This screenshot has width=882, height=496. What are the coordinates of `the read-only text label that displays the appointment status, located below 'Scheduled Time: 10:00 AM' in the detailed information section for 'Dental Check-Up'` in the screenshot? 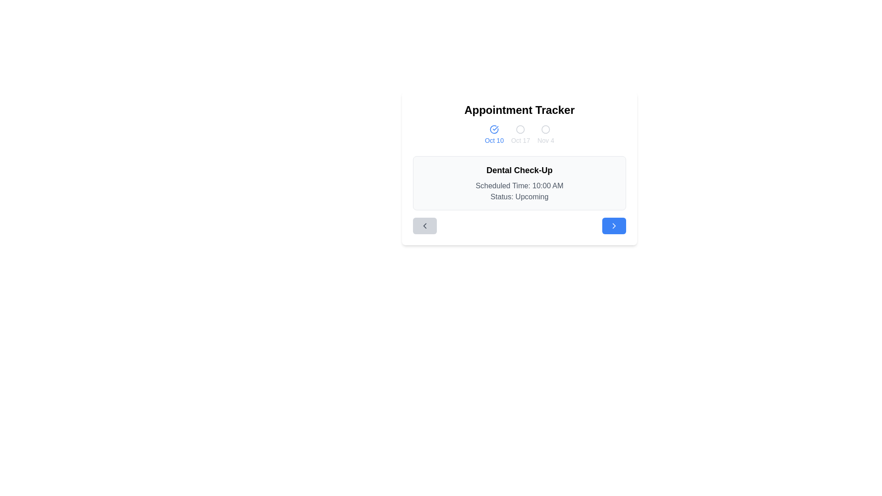 It's located at (520, 196).